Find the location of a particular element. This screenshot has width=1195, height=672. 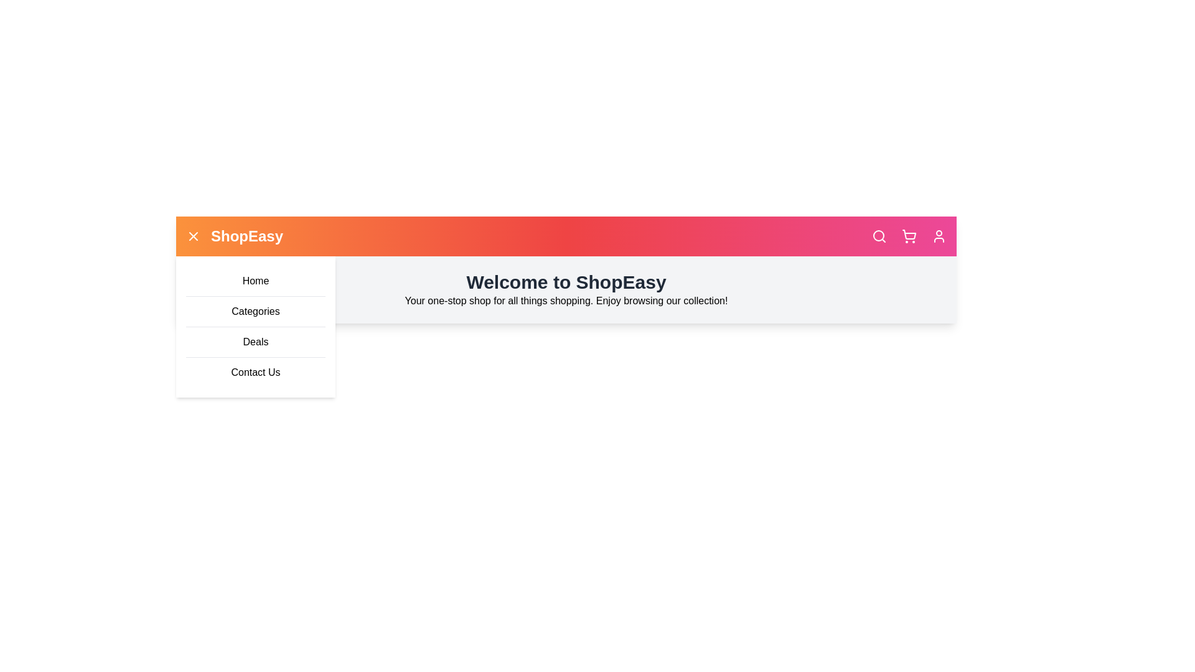

the close or cancel button located at the far left of the horizontal navigation bar next to 'ShopEasy' is located at coordinates (193, 236).